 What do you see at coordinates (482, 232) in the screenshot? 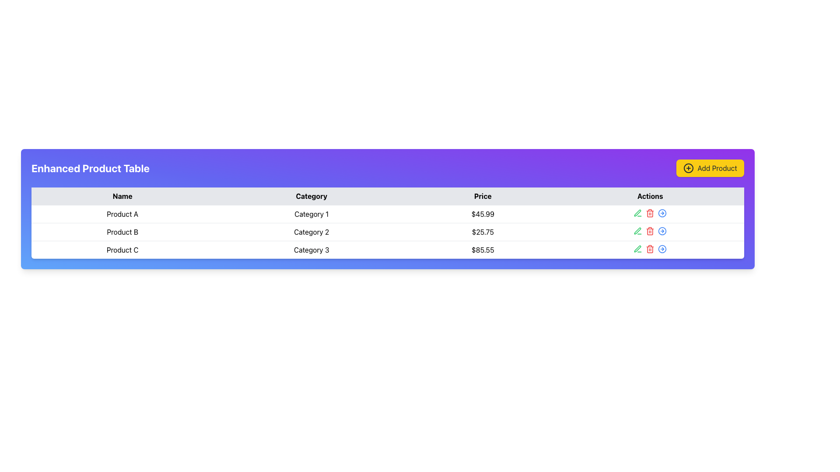
I see `displayed price of Product B located in the Price column of the table, specifically in the second row` at bounding box center [482, 232].